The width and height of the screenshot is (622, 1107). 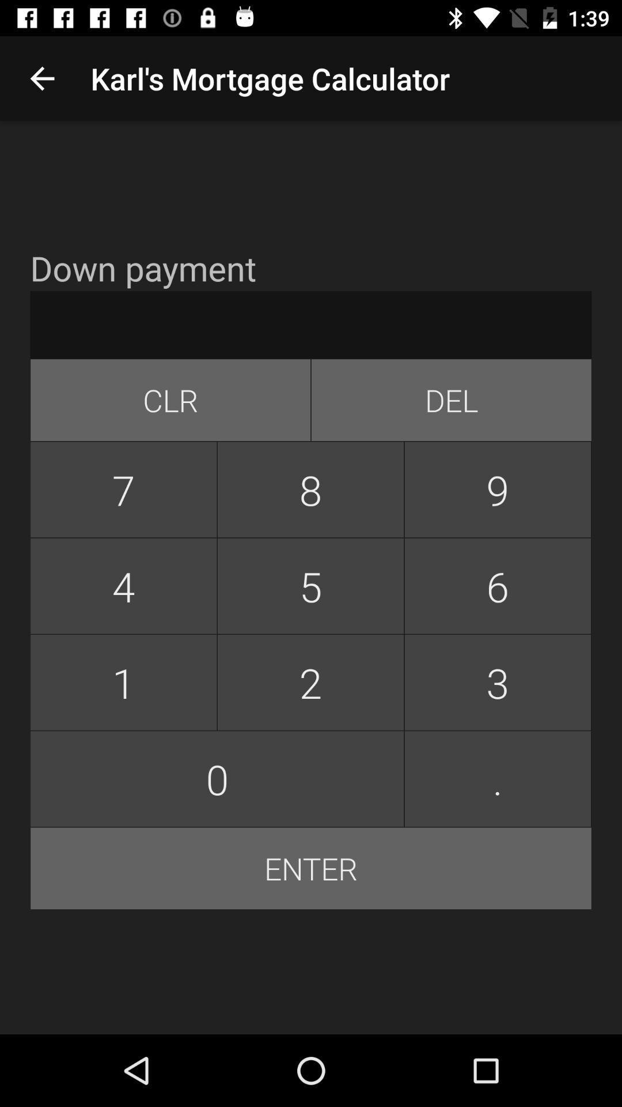 What do you see at coordinates (217, 779) in the screenshot?
I see `0 icon` at bounding box center [217, 779].